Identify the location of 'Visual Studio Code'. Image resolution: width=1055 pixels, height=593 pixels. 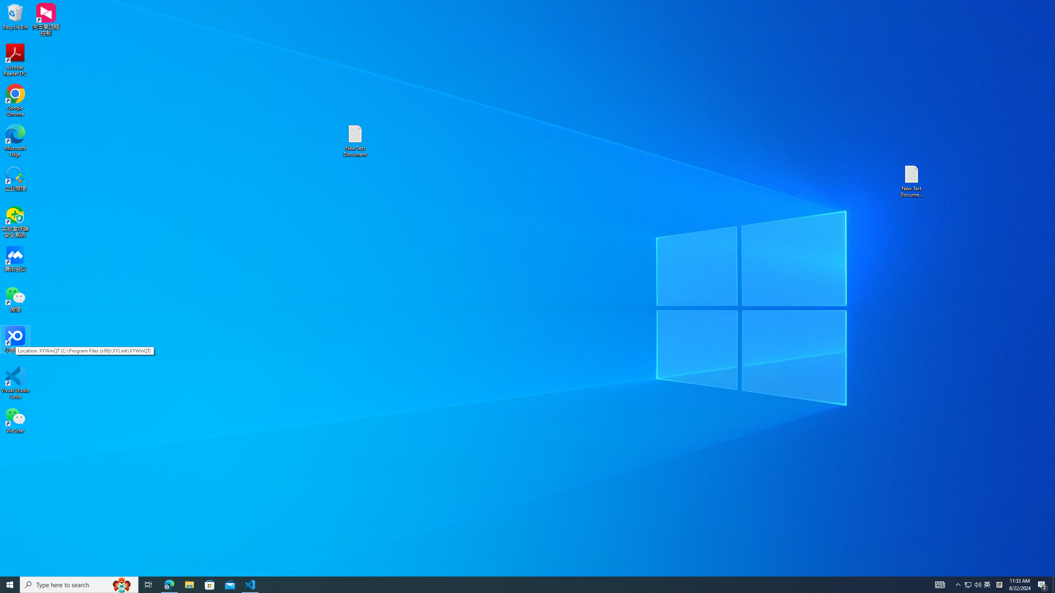
(15, 382).